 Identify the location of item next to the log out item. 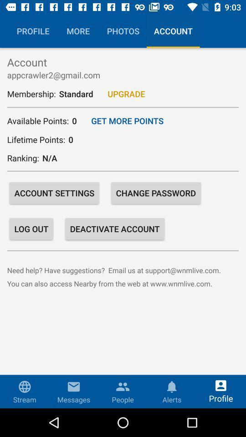
(115, 228).